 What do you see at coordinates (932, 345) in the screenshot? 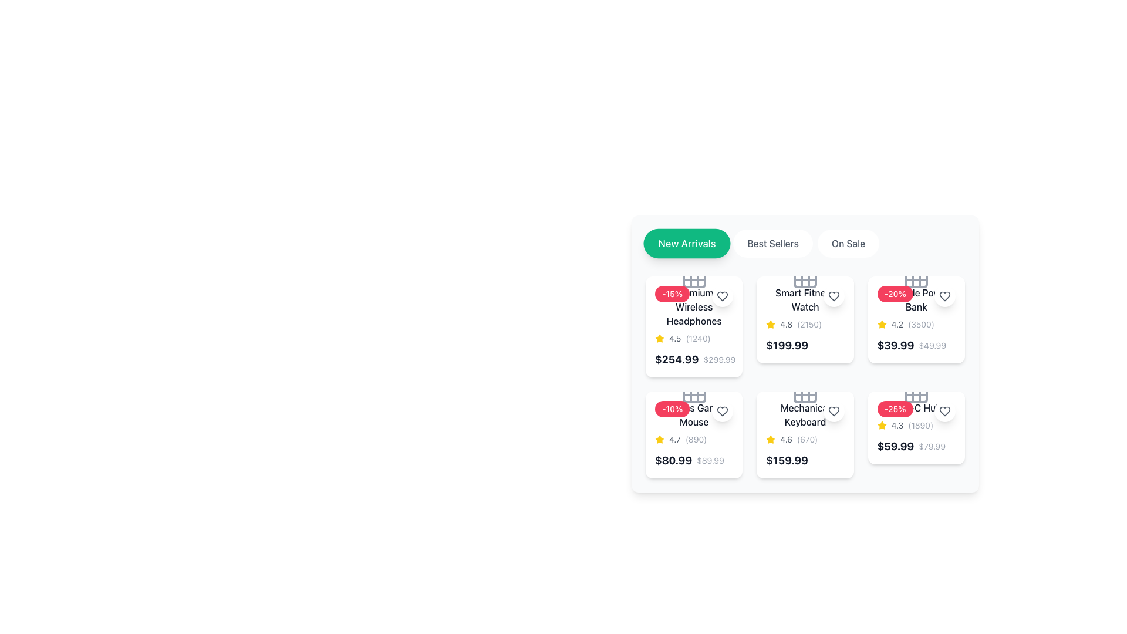
I see `the text element displaying the previous price '$49.99', which is styled with a line-through and positioned to the right of the current price '$39.99'` at bounding box center [932, 345].